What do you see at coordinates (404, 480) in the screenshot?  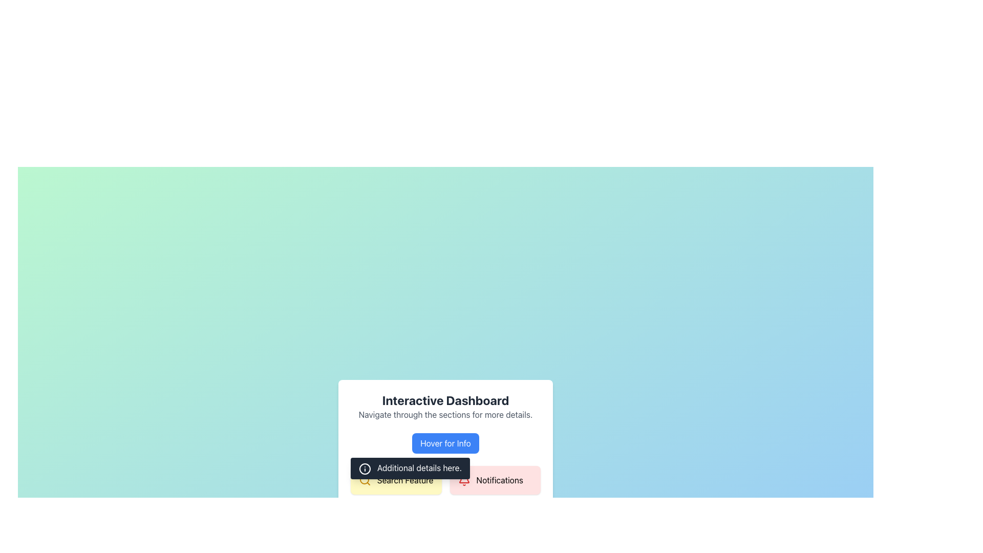 I see `the informative text label located in a rounded rectangle with a yellow background, positioned below the tooltip labeled 'Additional details here.' and to the left of the 'Notifications' button` at bounding box center [404, 480].